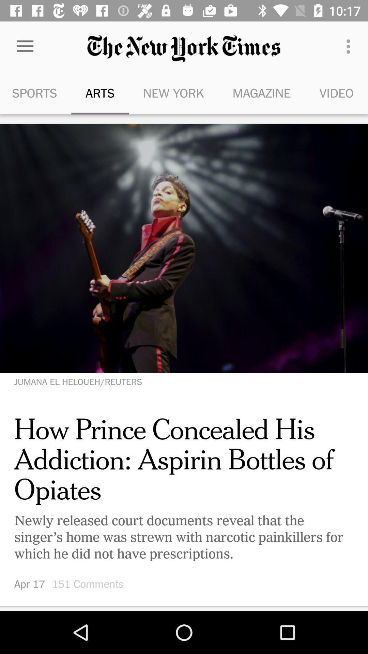  I want to click on the item next to arts icon, so click(35, 93).